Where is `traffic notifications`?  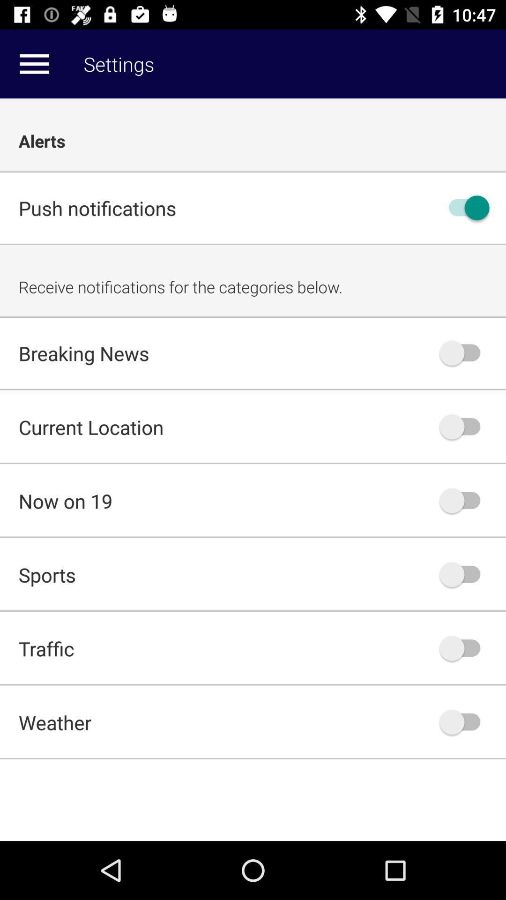 traffic notifications is located at coordinates (464, 648).